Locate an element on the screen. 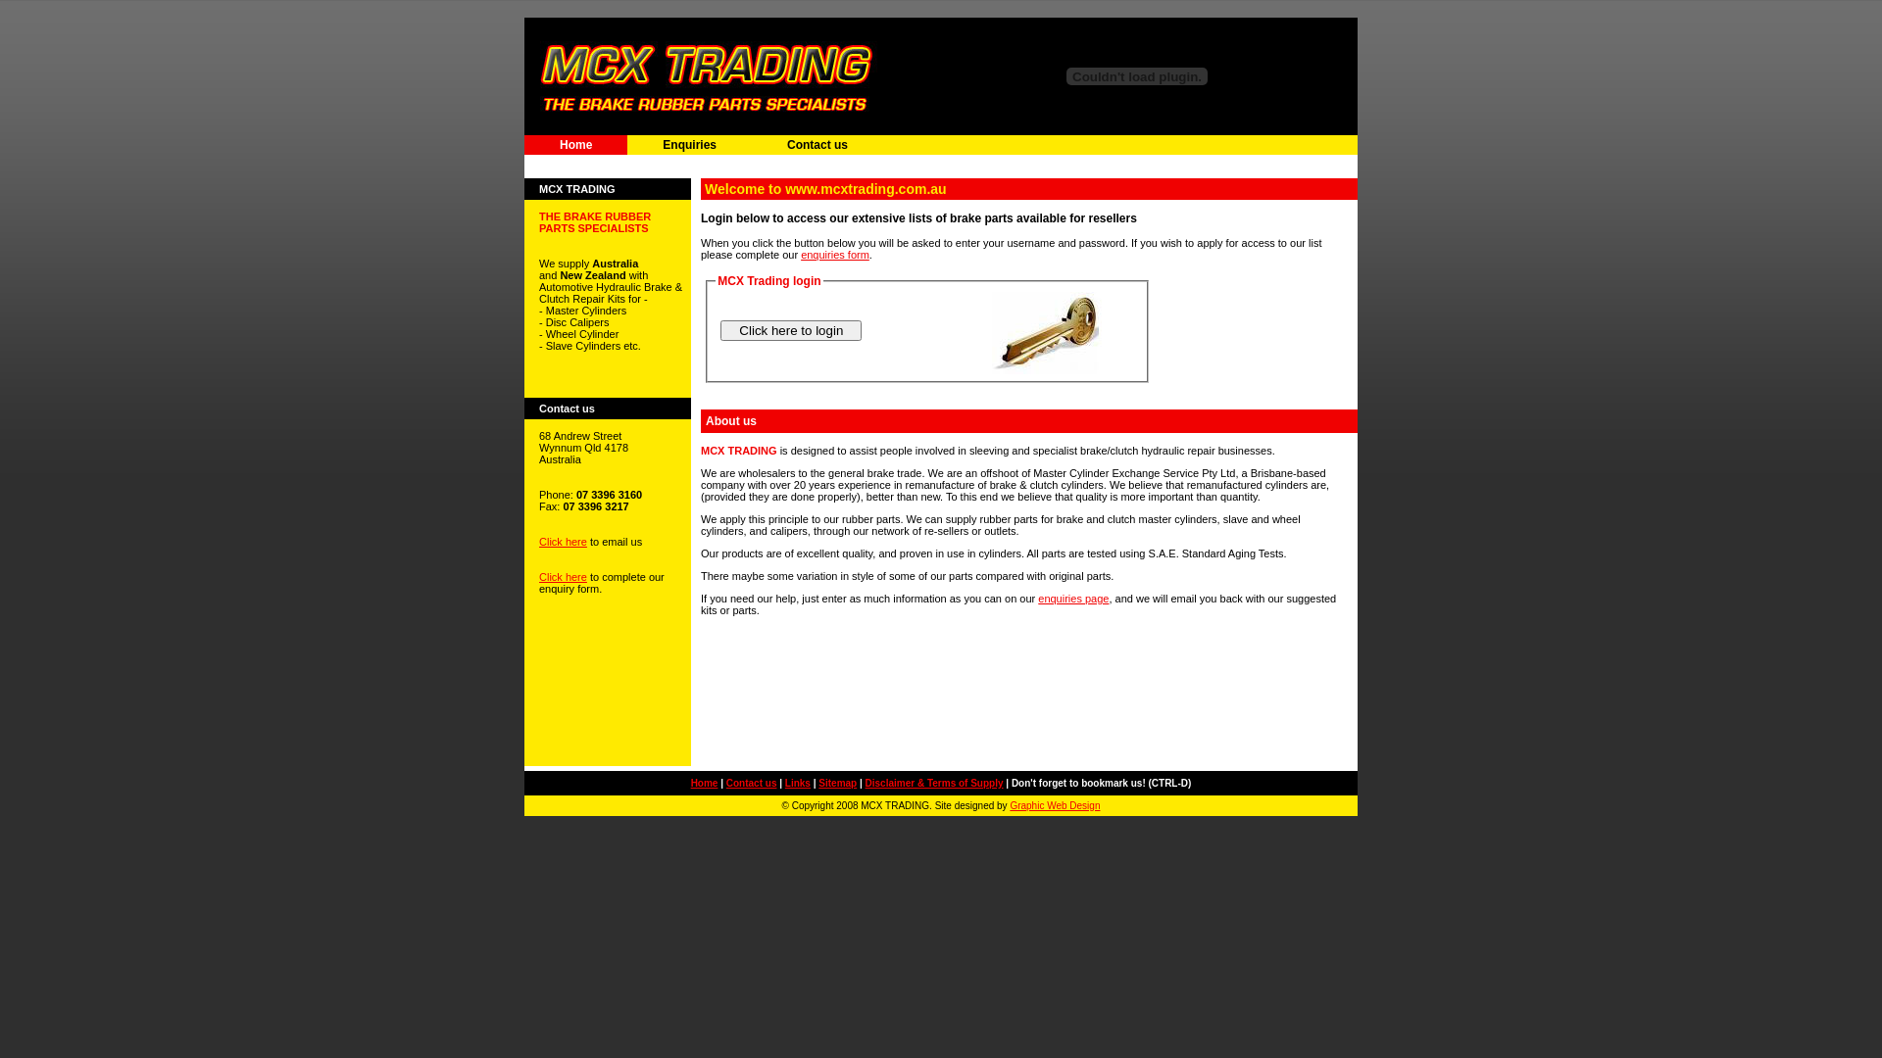 The image size is (1882, 1058). 'Contact us' is located at coordinates (817, 143).